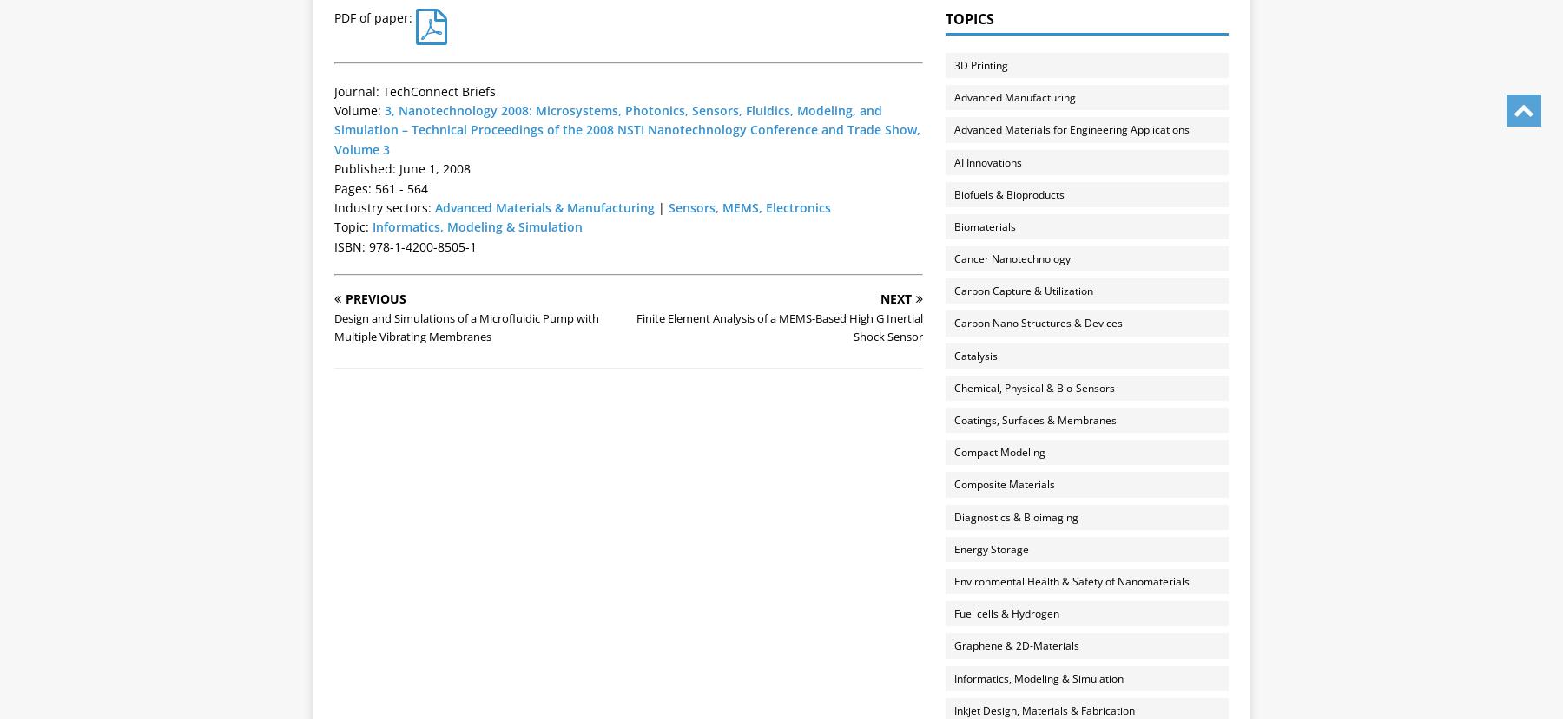 The width and height of the screenshot is (1563, 719). Describe the element at coordinates (895, 297) in the screenshot. I see `'Next'` at that location.